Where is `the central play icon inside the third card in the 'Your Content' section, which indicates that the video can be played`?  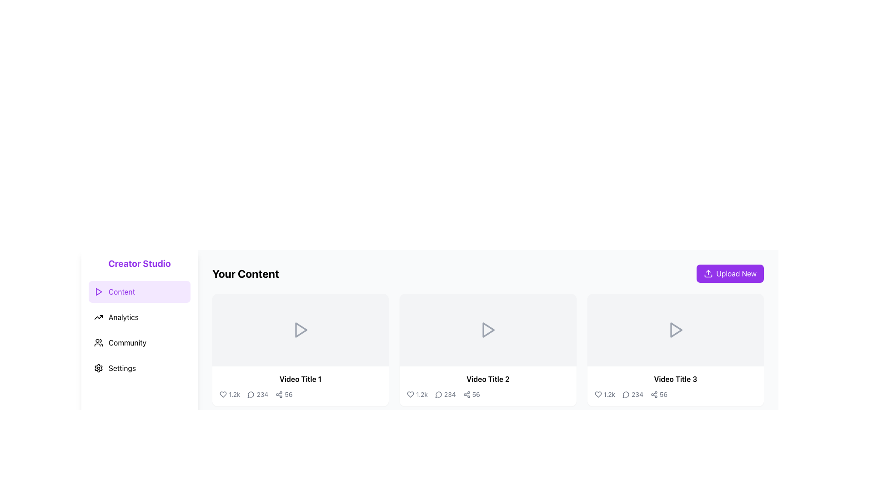
the central play icon inside the third card in the 'Your Content' section, which indicates that the video can be played is located at coordinates (676, 330).